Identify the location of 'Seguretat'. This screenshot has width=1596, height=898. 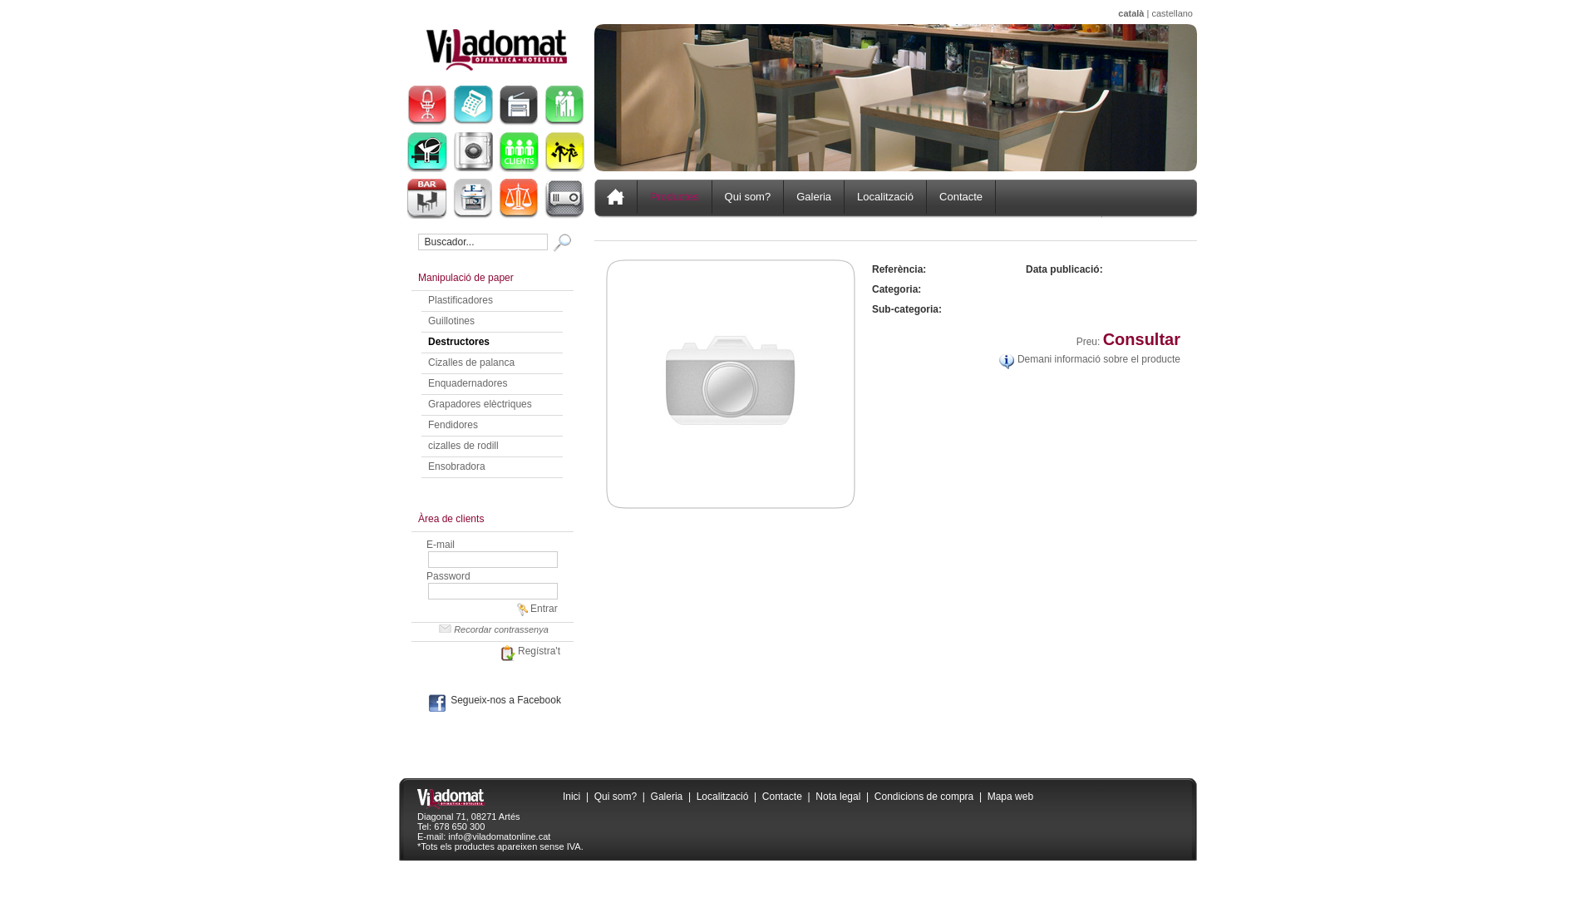
(472, 151).